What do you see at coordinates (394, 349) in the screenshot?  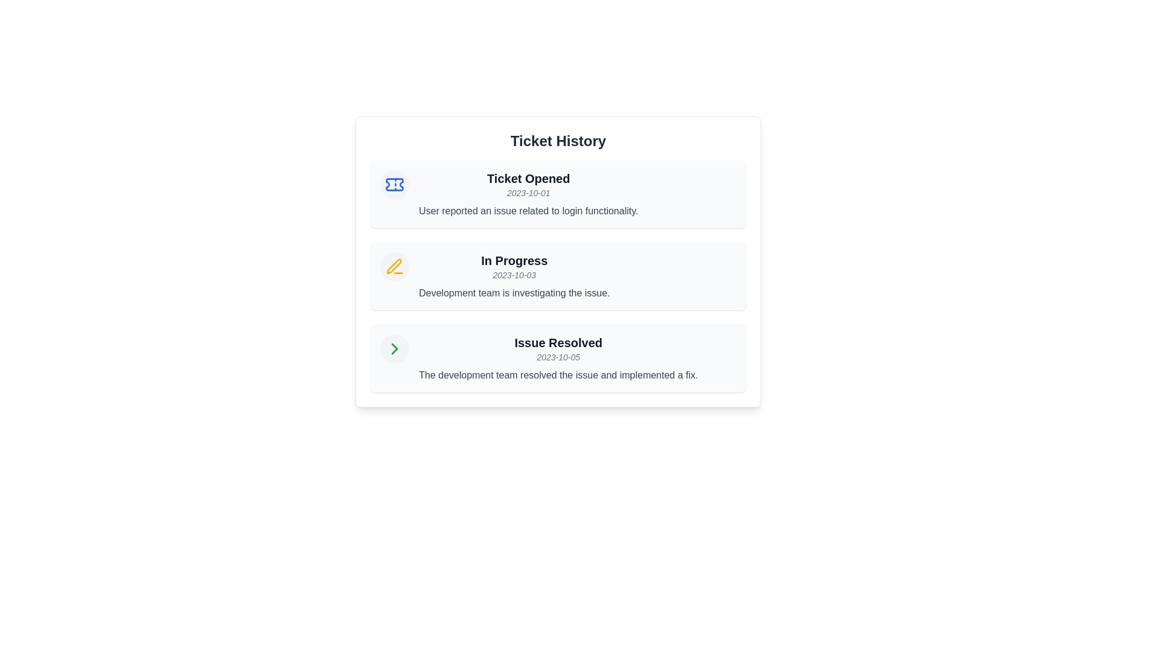 I see `the chevron icon located to the left of the 'Issue Resolved' text block in the 'Ticket History' section` at bounding box center [394, 349].